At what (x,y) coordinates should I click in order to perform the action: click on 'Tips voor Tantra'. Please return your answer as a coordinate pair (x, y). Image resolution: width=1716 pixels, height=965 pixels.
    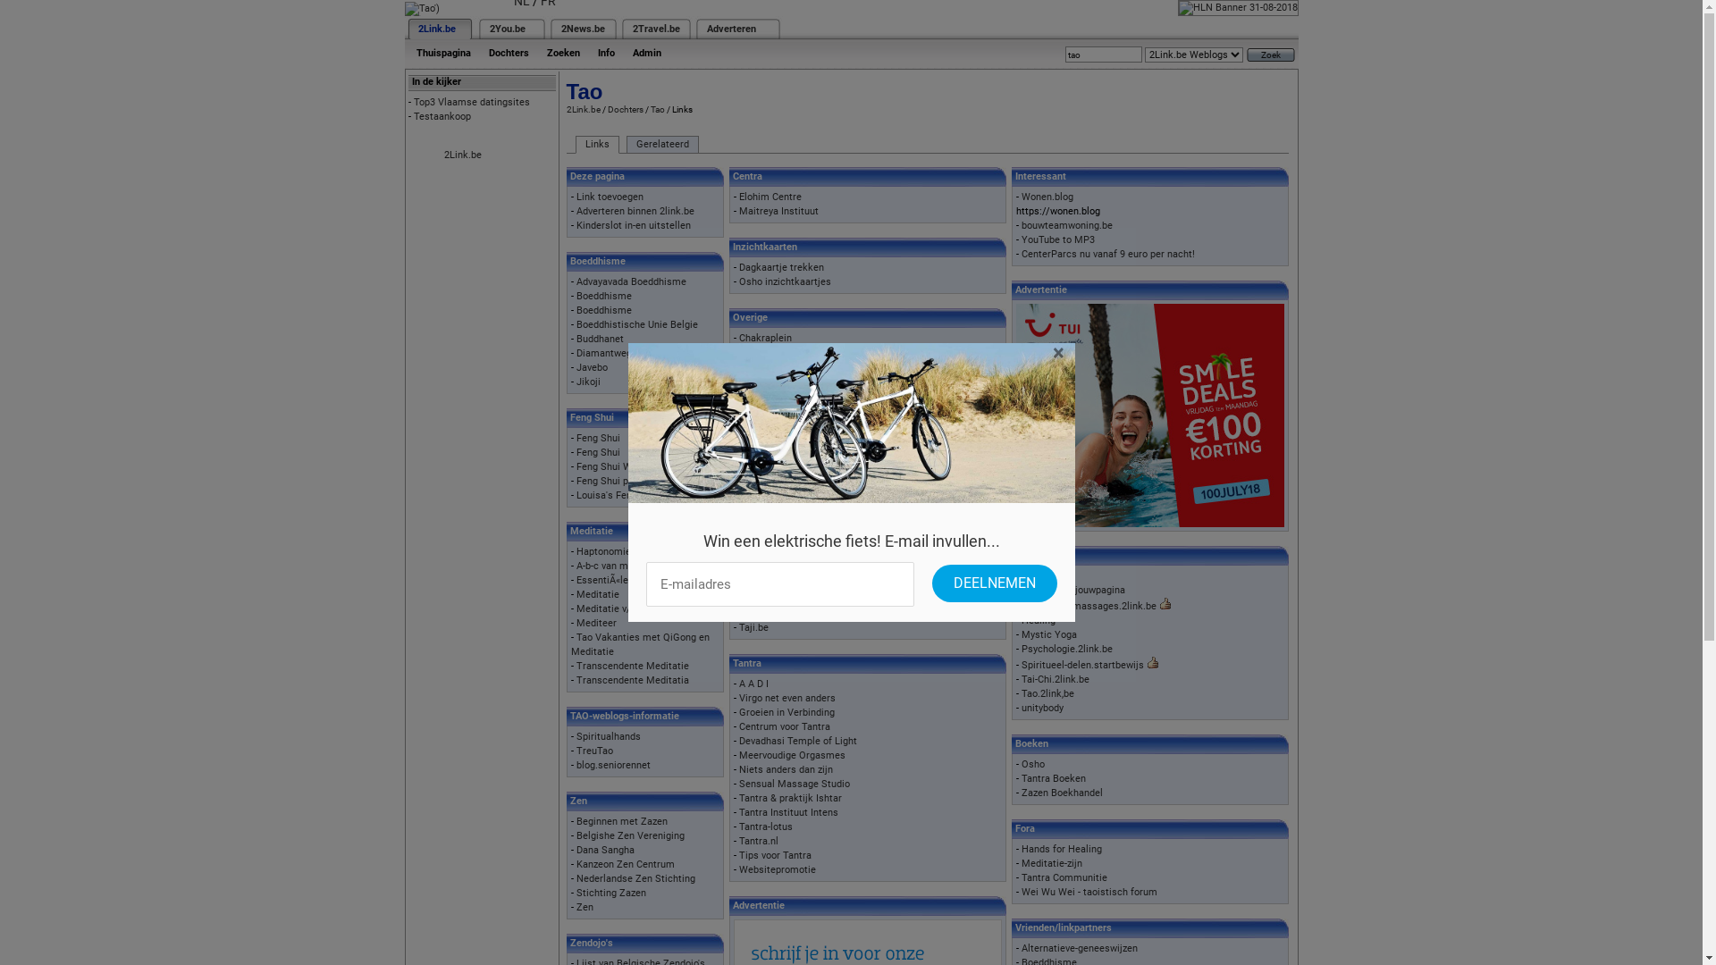
    Looking at the image, I should click on (774, 854).